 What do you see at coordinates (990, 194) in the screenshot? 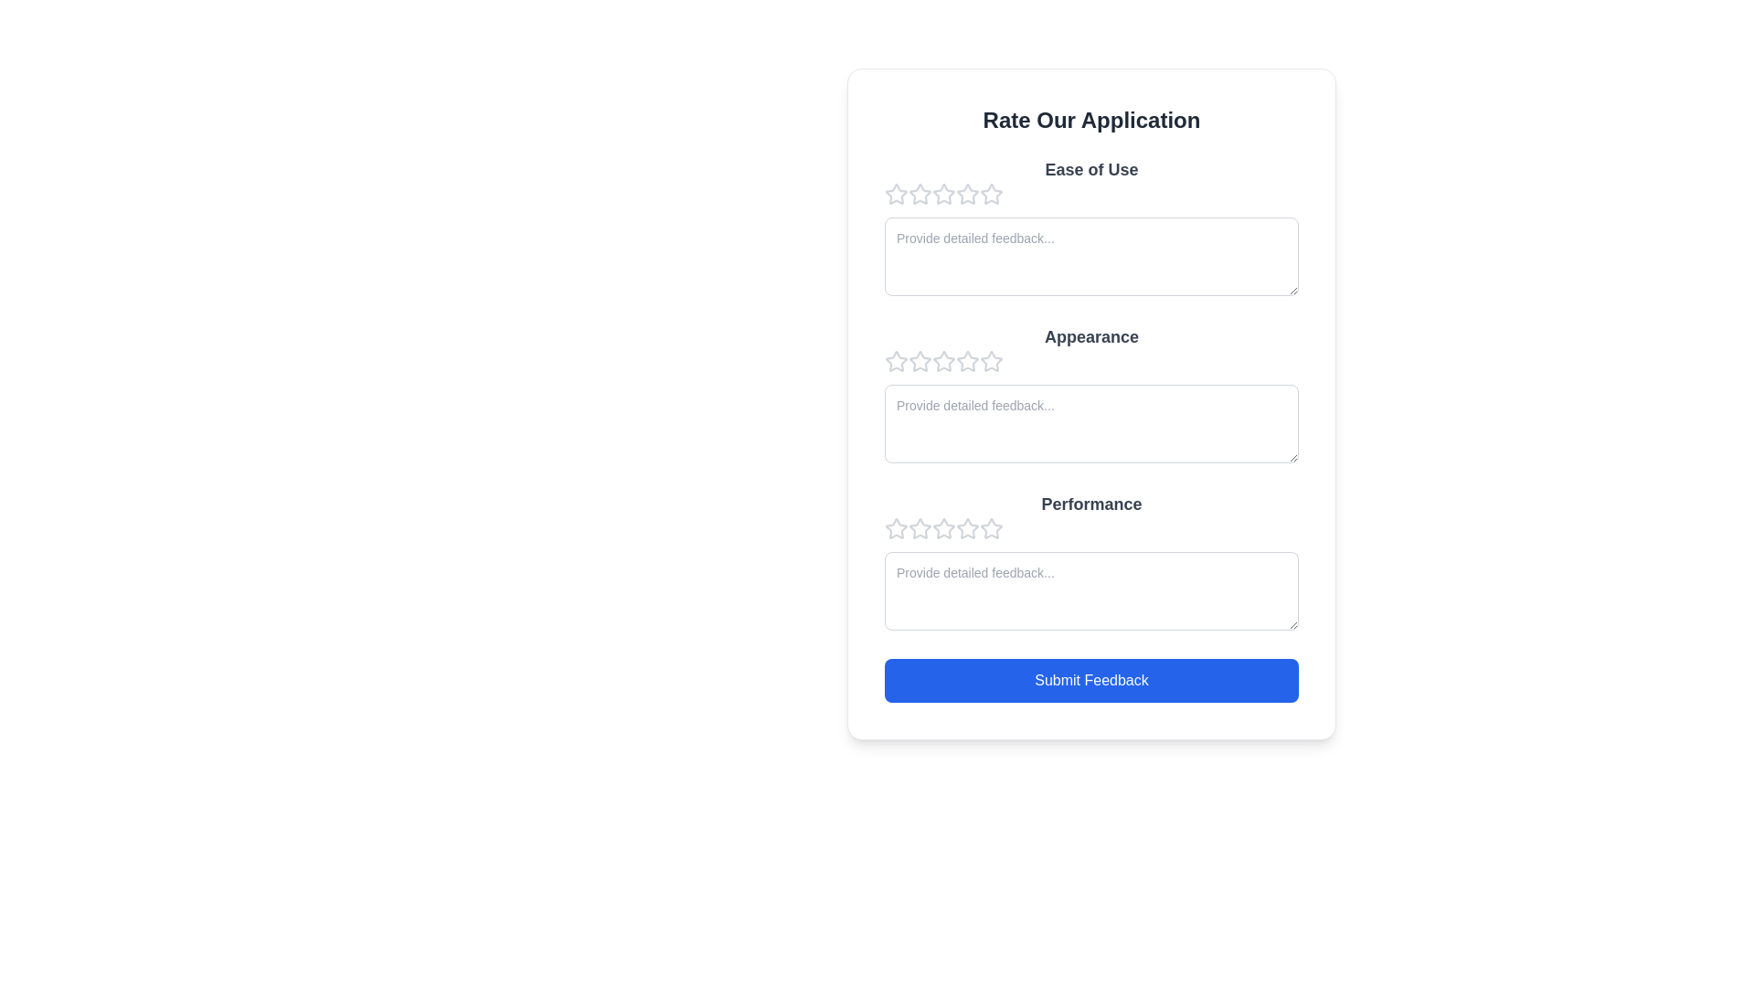
I see `the 5th gray, outlined star icon in the 'Ease of Use' rating bar to rate it` at bounding box center [990, 194].